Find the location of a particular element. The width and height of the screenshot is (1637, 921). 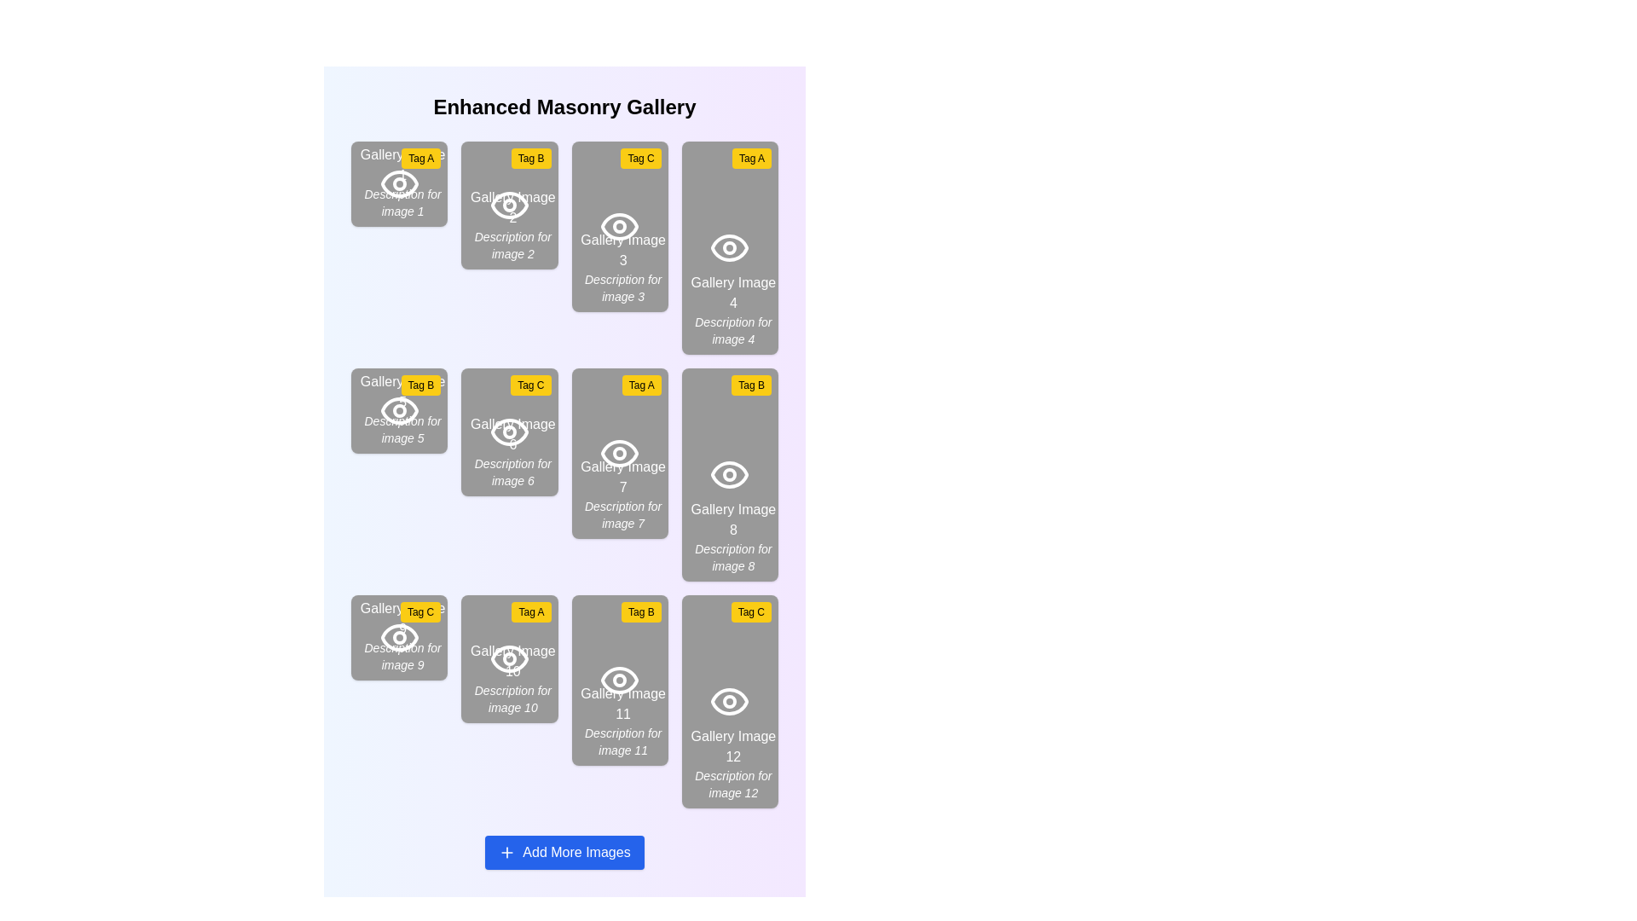

the italicized text label displaying 'Description for image 2,' which is located beneath the 'Gallery Image 2' label in the second column, first row of the gallery grid is located at coordinates (512, 246).